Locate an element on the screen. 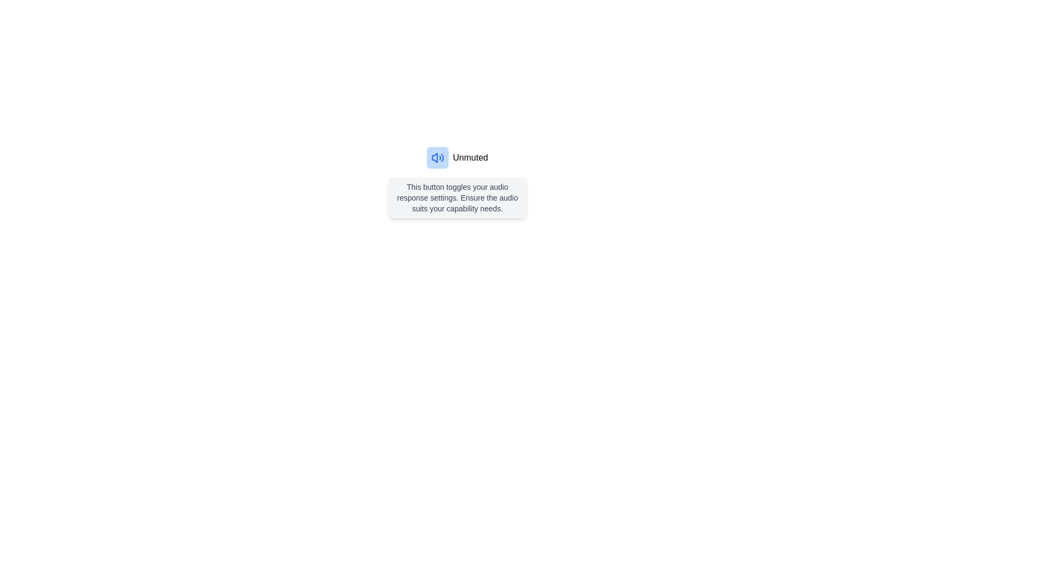 Image resolution: width=1039 pixels, height=584 pixels. the blue speaker icon with sound waves, located within the light blue rounded rectangular button labeled 'Unmuted' is located at coordinates (438, 158).